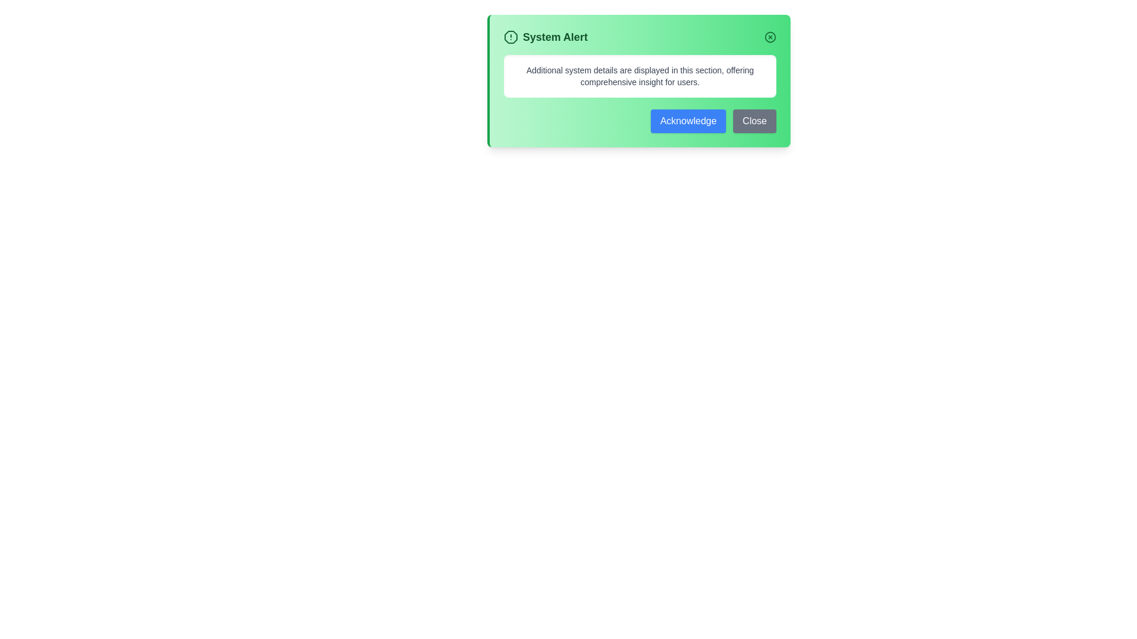  I want to click on close button to hide the details section, so click(770, 36).